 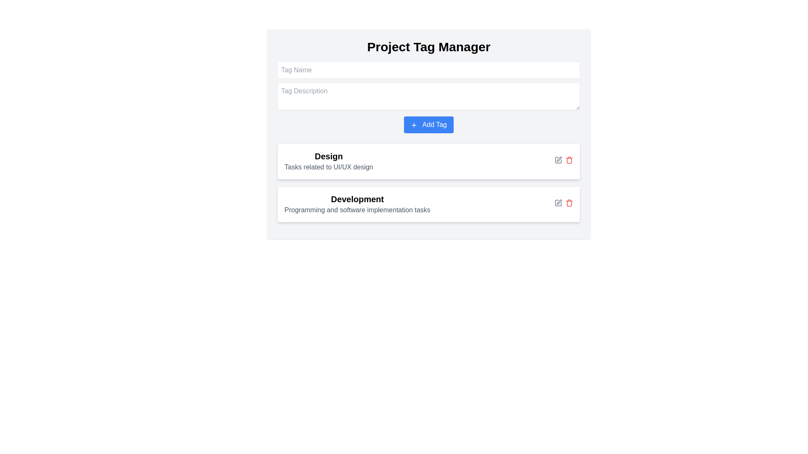 I want to click on the trash bin icon in the Interactive action group located at the rightmost side of the 'Development' section within the second card, so click(x=563, y=204).